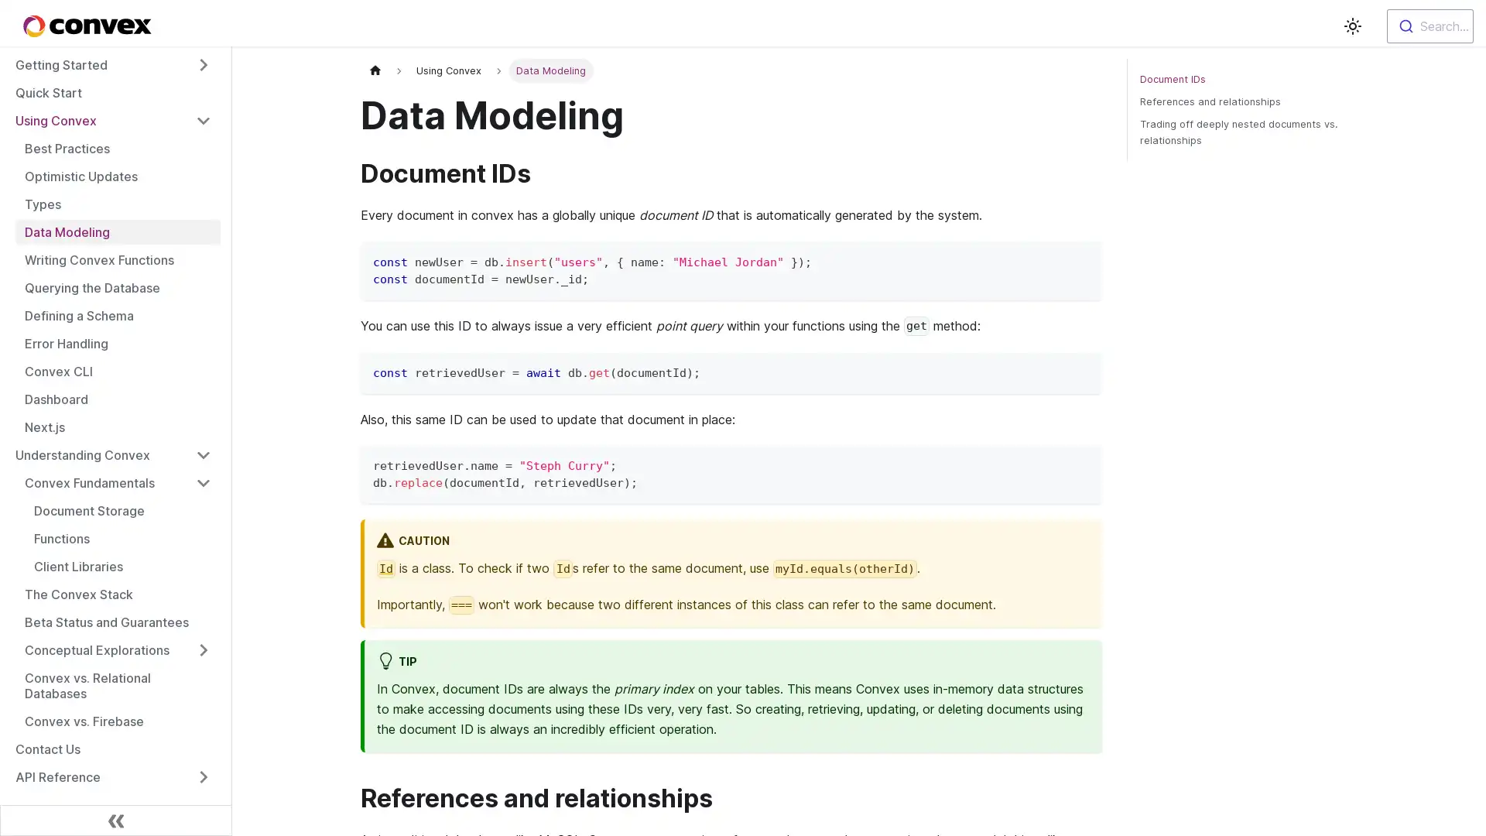  I want to click on Toggle the collapsible sidebar category 'API Reference', so click(203, 776).